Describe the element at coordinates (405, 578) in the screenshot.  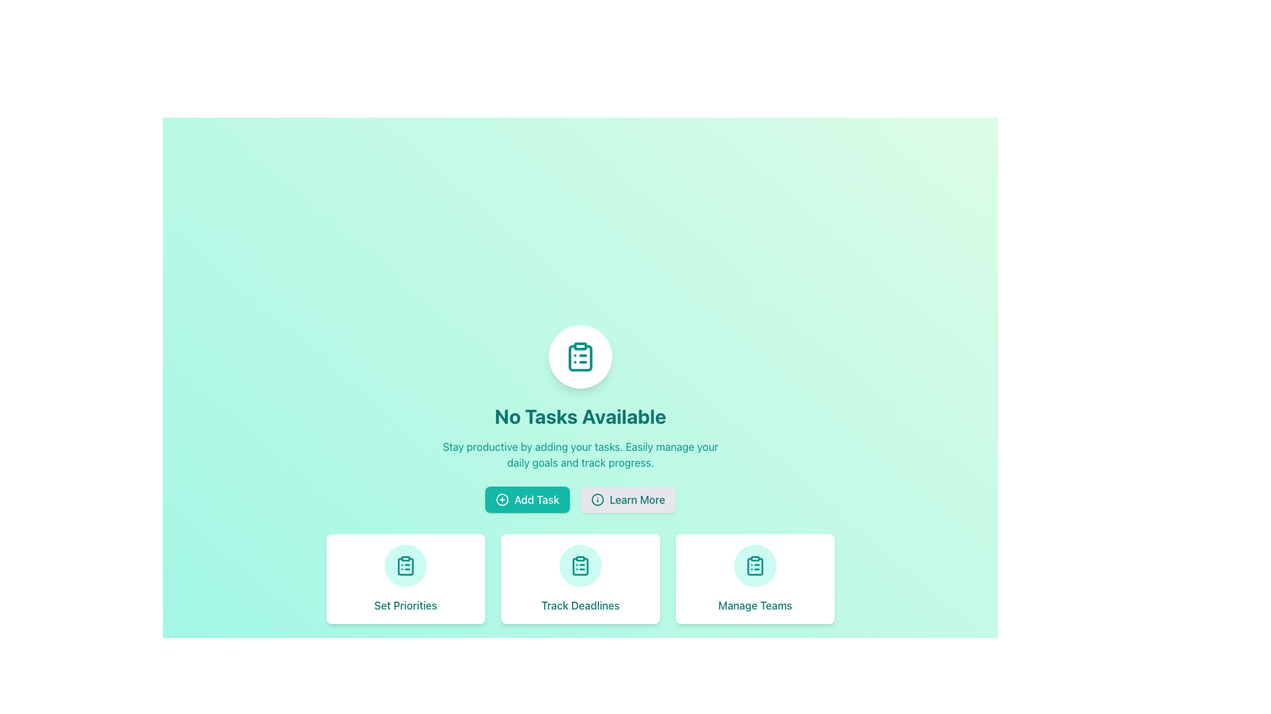
I see `the leftmost card in the row that signifies a task related to setting priorities` at that location.